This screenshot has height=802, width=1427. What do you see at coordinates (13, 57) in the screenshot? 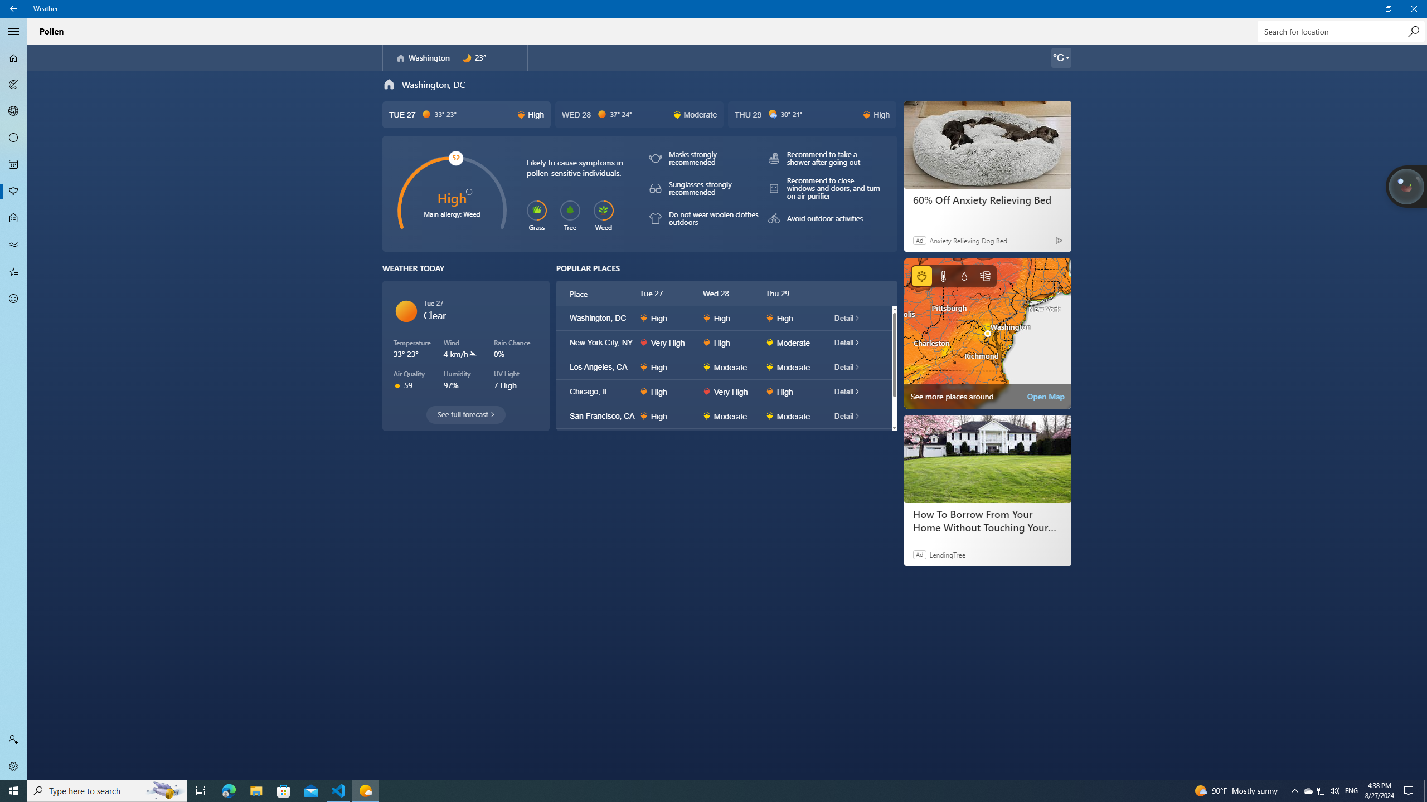
I see `'Forecast - Not Selected'` at bounding box center [13, 57].